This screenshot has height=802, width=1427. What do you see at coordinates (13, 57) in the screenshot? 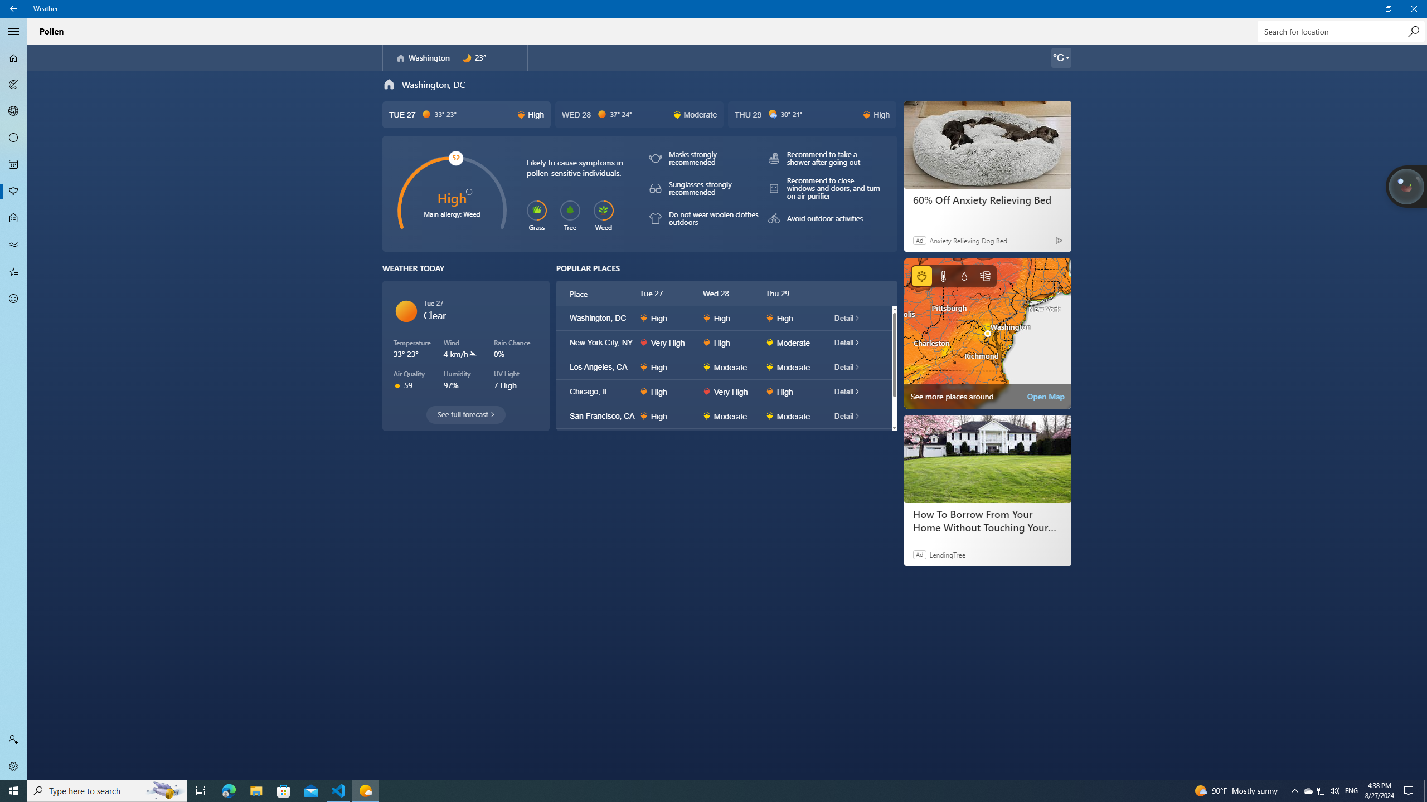
I see `'Forecast - Not Selected'` at bounding box center [13, 57].